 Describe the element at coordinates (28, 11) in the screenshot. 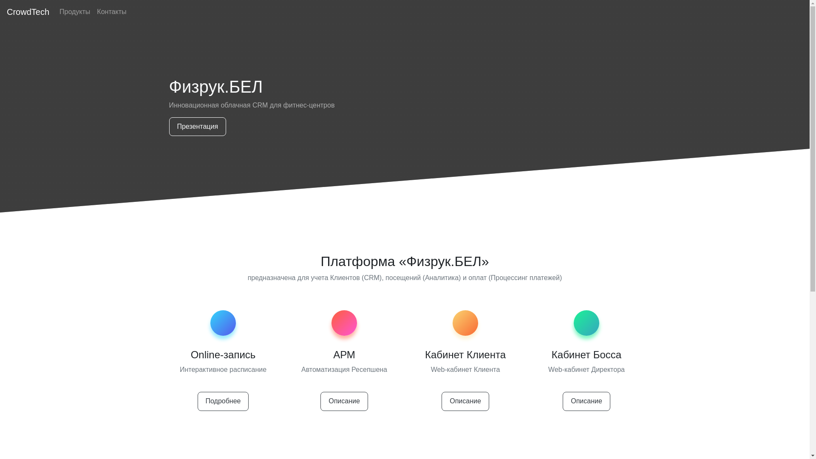

I see `'CrowdTech'` at that location.